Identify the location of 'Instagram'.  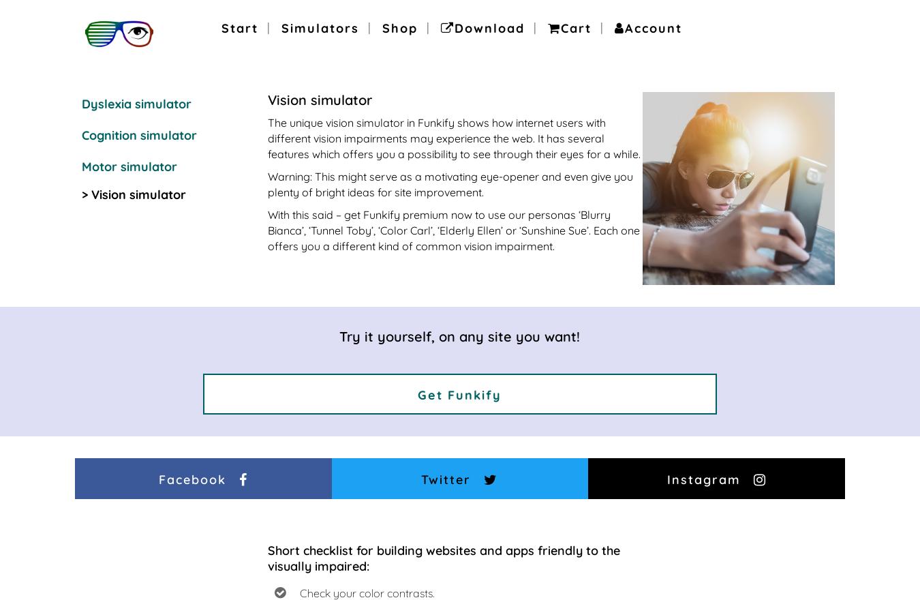
(703, 479).